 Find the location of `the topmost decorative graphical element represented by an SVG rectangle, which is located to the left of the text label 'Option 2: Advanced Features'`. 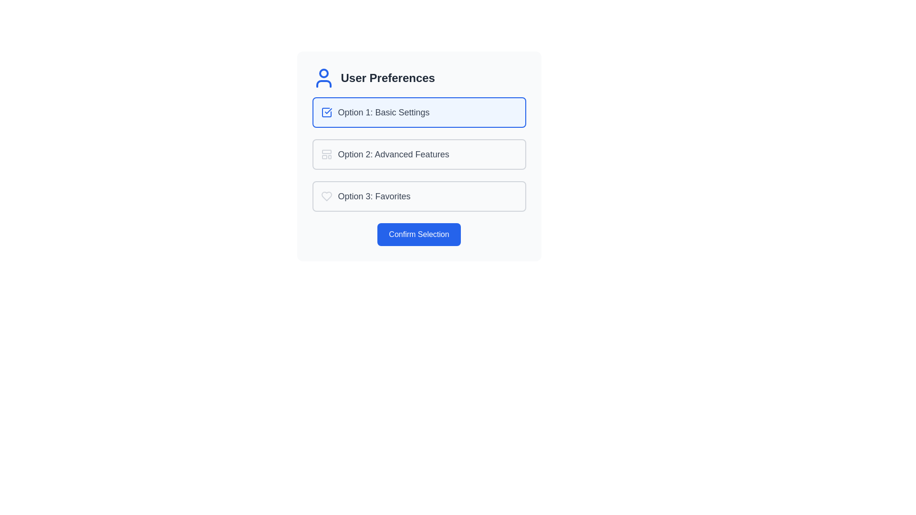

the topmost decorative graphical element represented by an SVG rectangle, which is located to the left of the text label 'Option 2: Advanced Features' is located at coordinates (326, 151).